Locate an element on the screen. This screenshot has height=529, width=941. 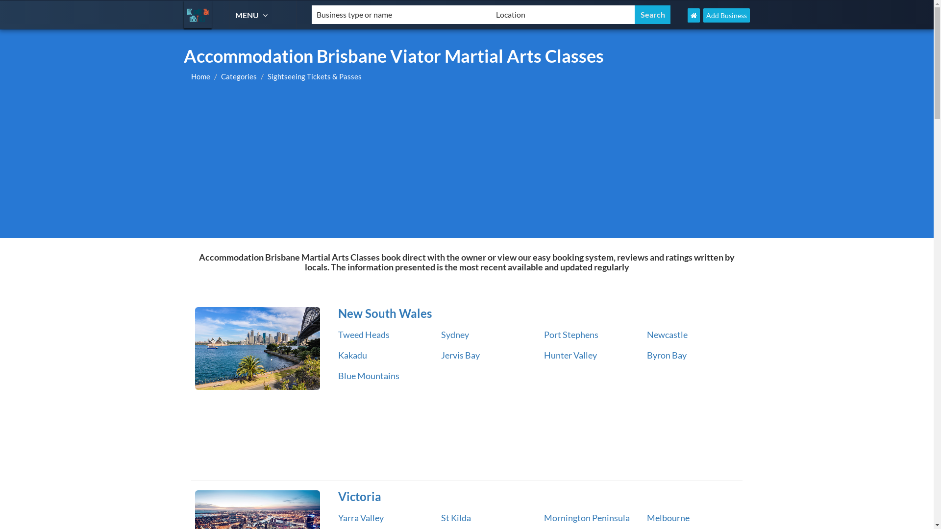
'St Kilda' is located at coordinates (455, 517).